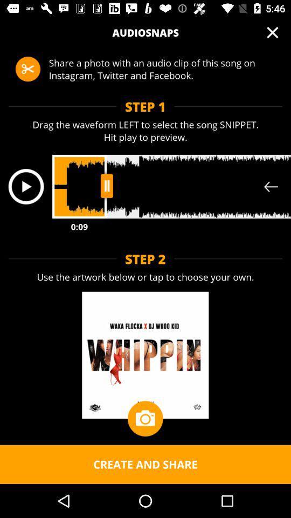  What do you see at coordinates (26, 186) in the screenshot?
I see `the play icon` at bounding box center [26, 186].